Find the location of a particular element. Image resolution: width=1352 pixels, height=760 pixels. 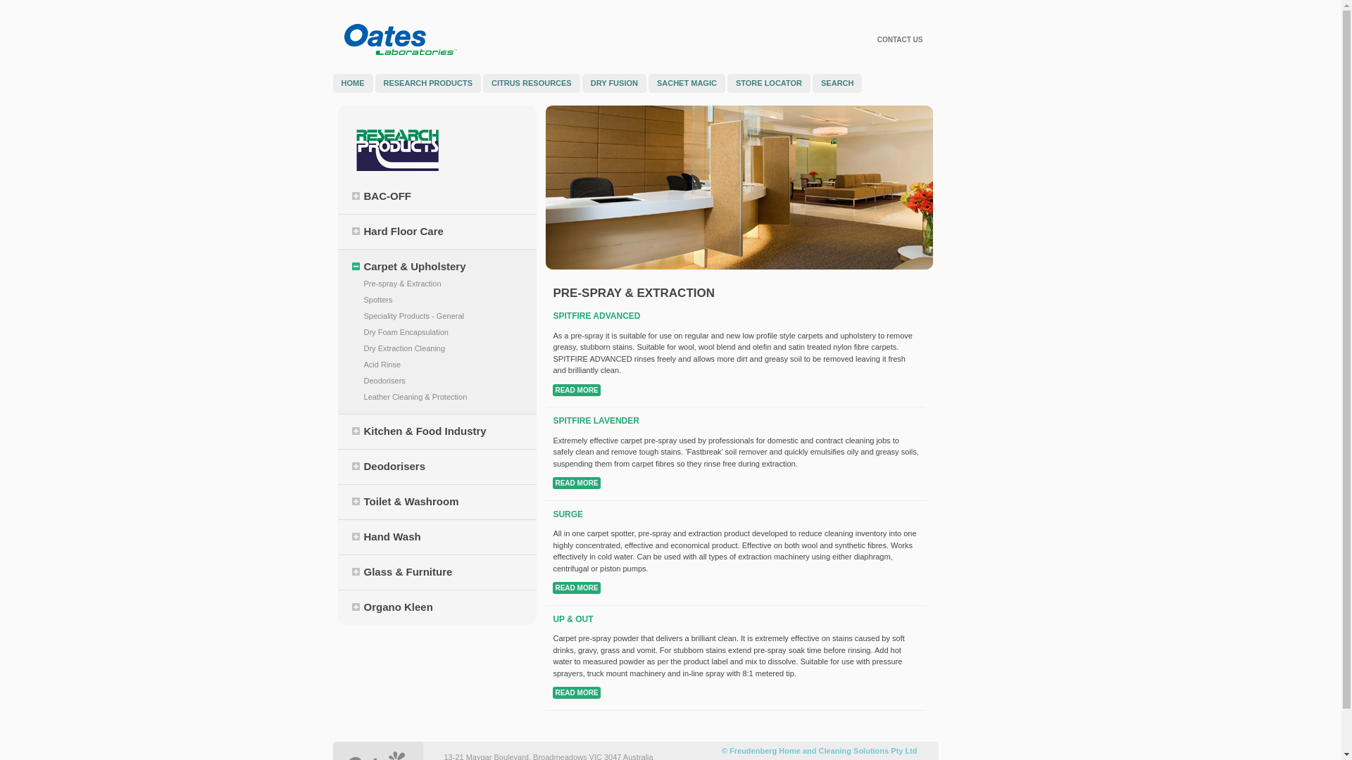

'Spotters' is located at coordinates (364, 298).